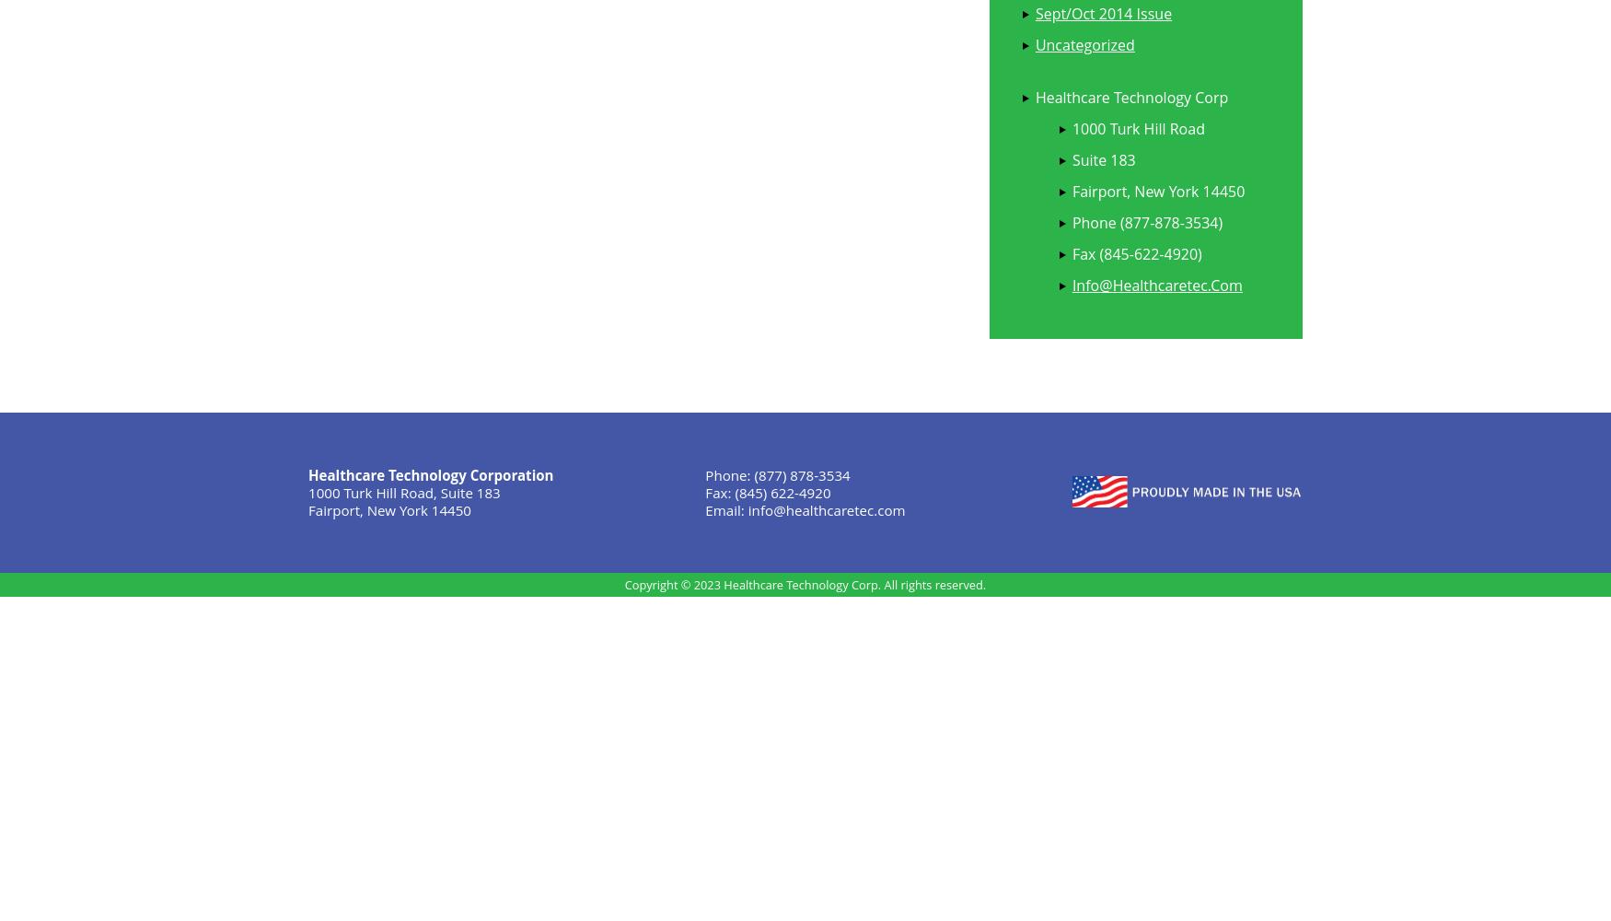 Image resolution: width=1611 pixels, height=921 pixels. I want to click on '(845) 622-4920', so click(782, 492).